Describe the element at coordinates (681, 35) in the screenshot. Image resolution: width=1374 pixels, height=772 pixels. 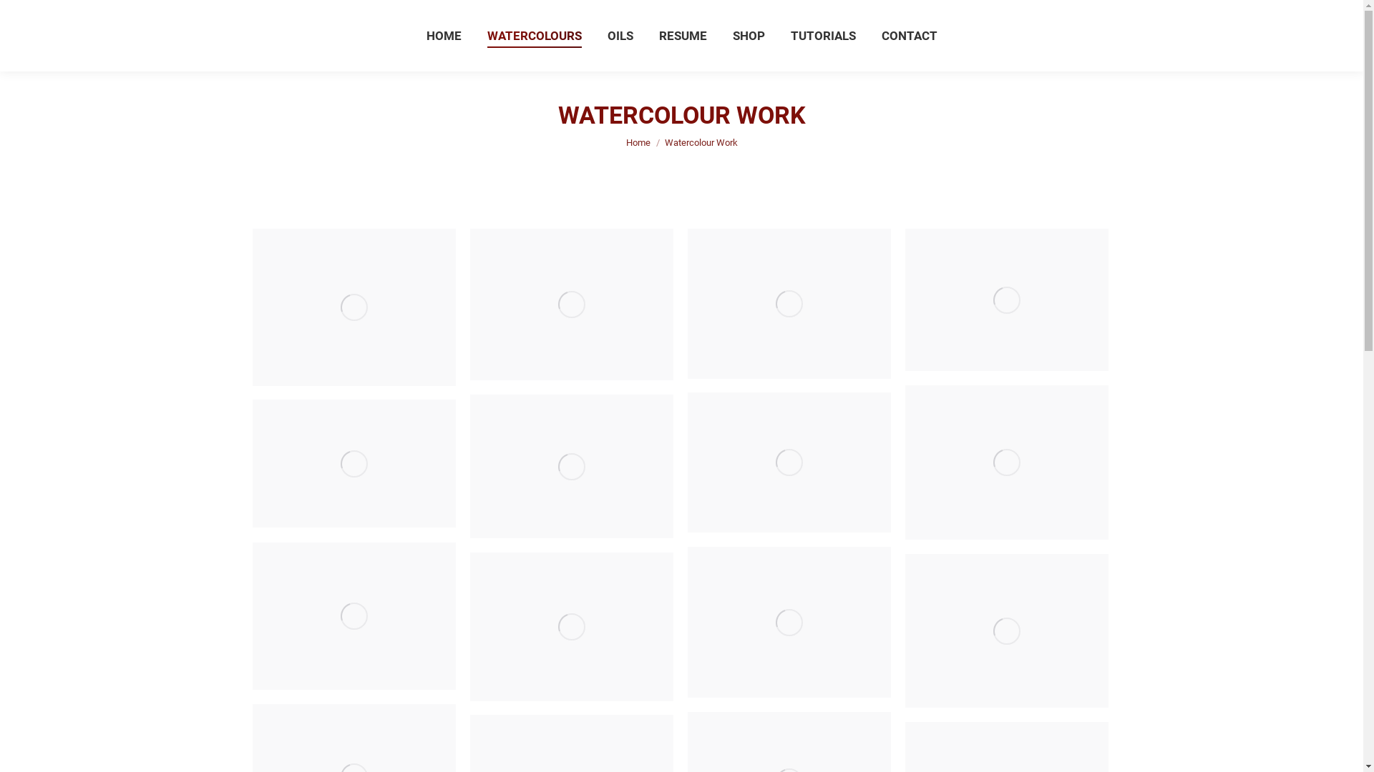
I see `'RESUME'` at that location.